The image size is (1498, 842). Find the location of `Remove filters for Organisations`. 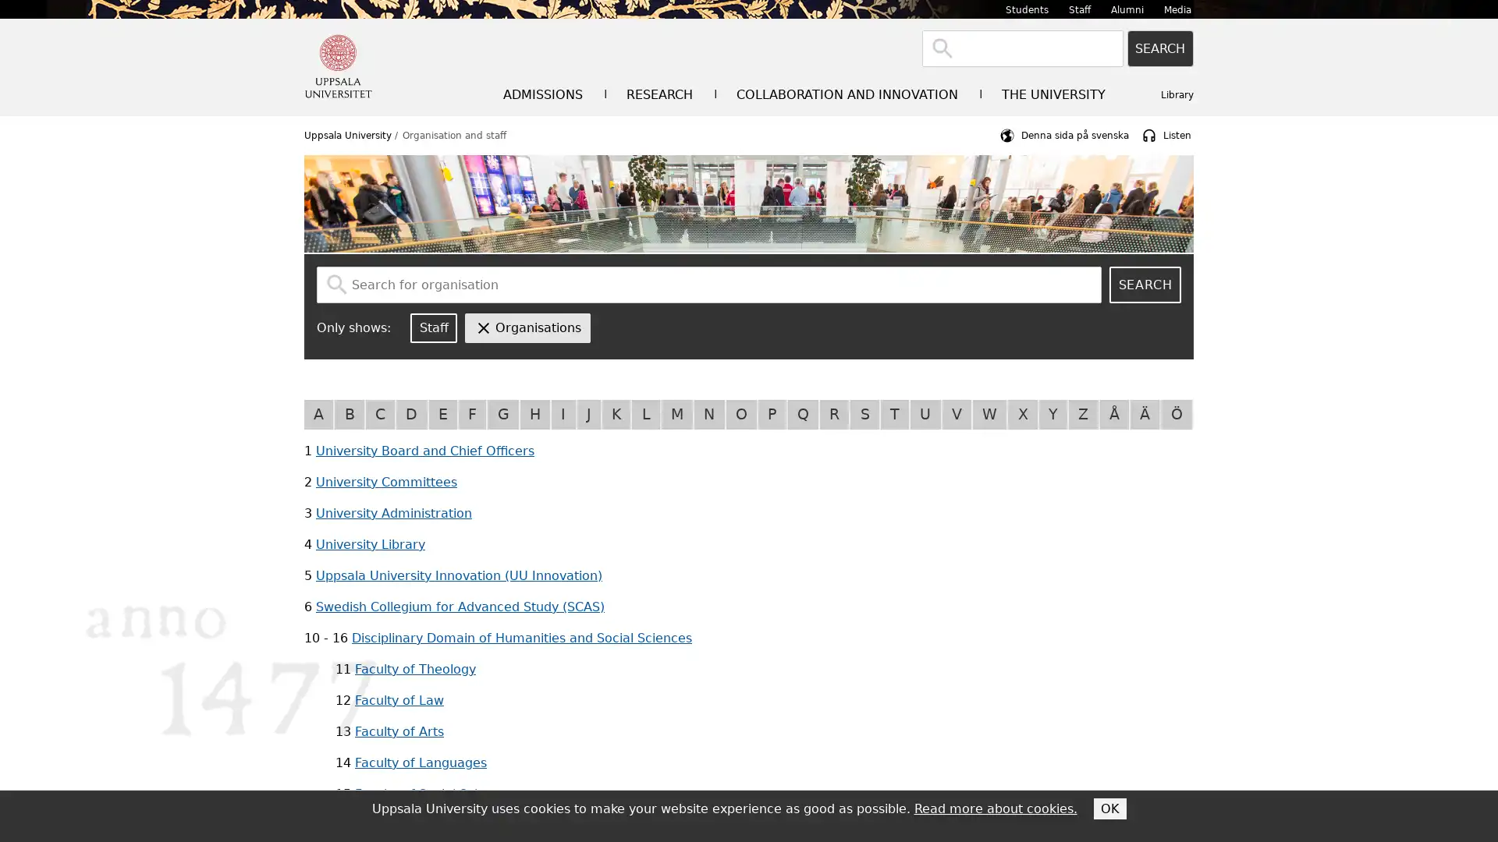

Remove filters for Organisations is located at coordinates (527, 327).